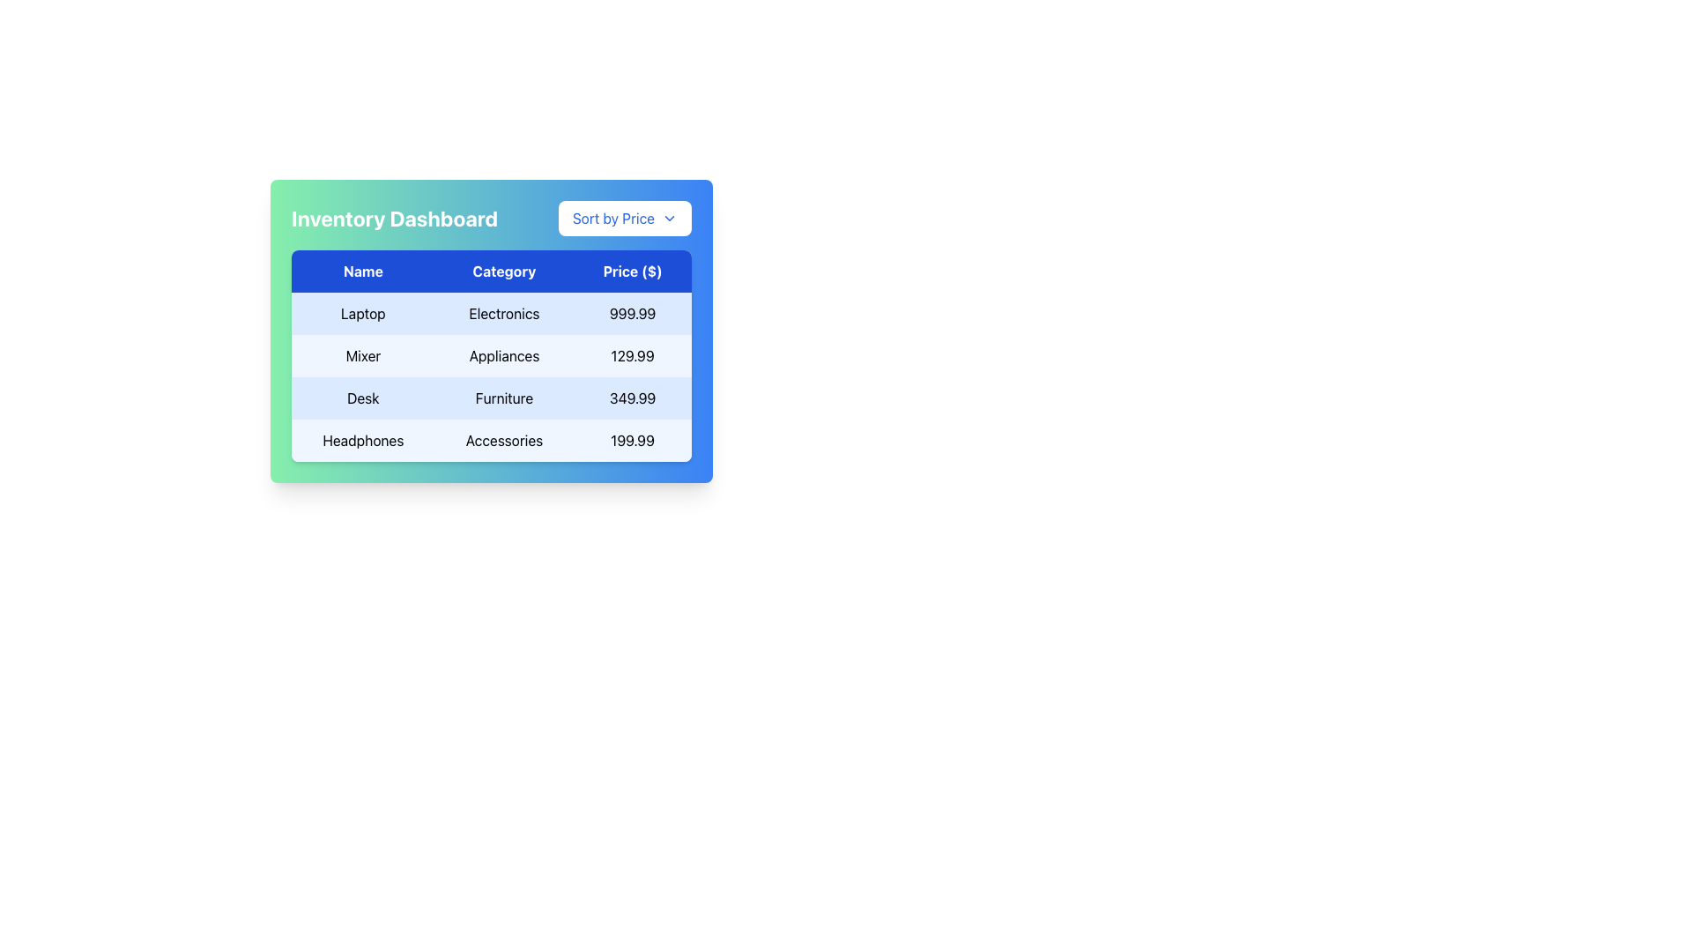  What do you see at coordinates (491, 440) in the screenshot?
I see `or highlight the fourth table row displaying 'Headphones', 'Accessories', and '199.99' with a light blue background` at bounding box center [491, 440].